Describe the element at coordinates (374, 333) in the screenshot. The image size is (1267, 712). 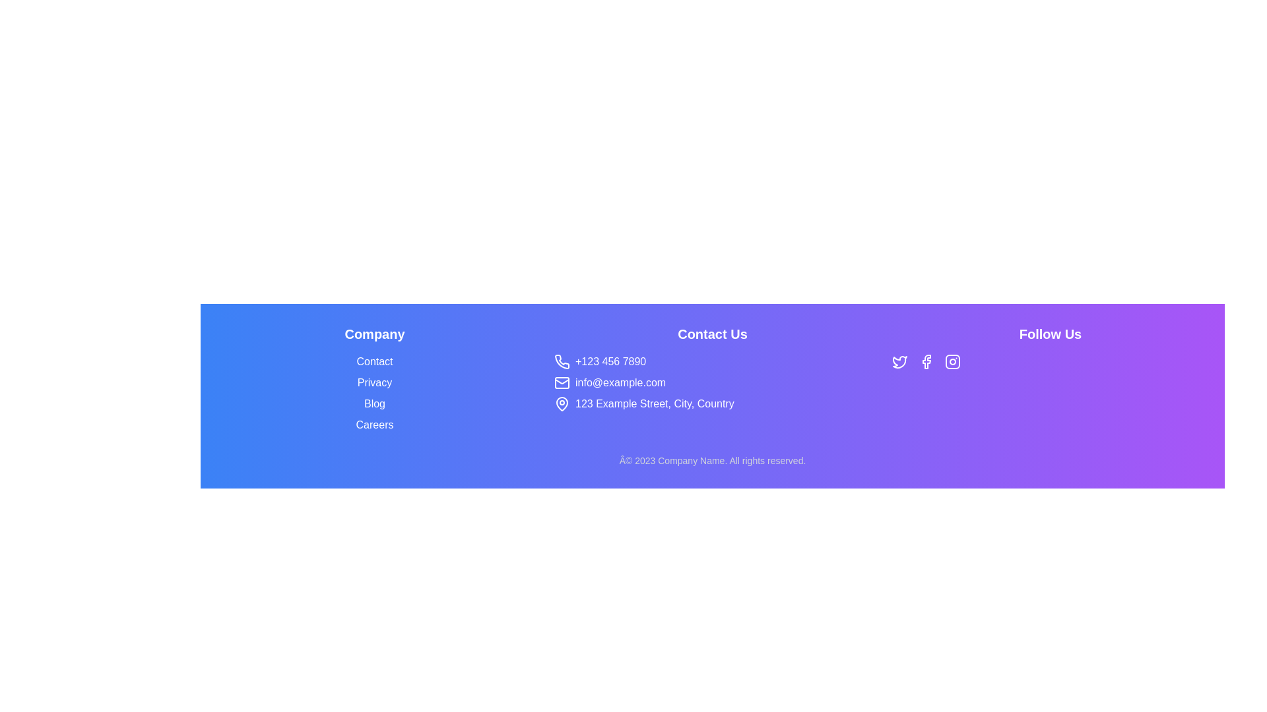
I see `the text header displaying 'Company' in bold font located in the leftmost column of the footer layout` at that location.